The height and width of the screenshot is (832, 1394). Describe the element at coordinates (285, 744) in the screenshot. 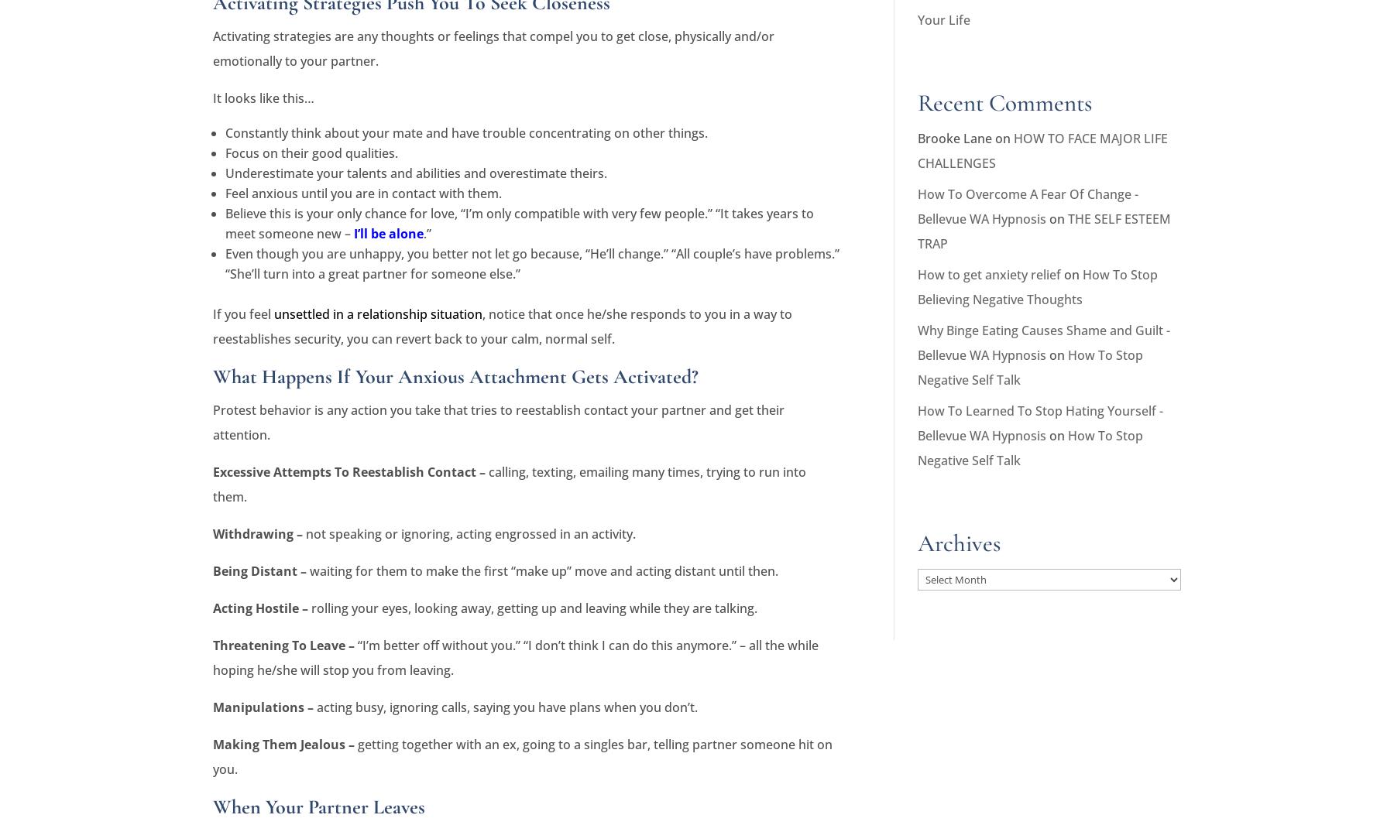

I see `'Making Them Jealous –'` at that location.